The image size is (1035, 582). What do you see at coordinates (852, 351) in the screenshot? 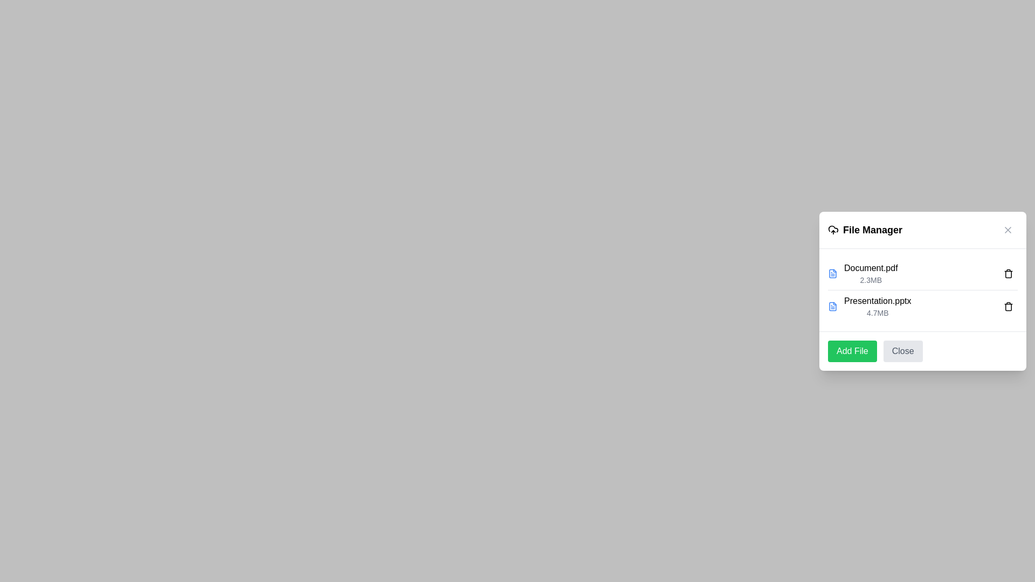
I see `the 'Add Files' button located at the bottom-left corner of the 'File Manager' modal dialog` at bounding box center [852, 351].